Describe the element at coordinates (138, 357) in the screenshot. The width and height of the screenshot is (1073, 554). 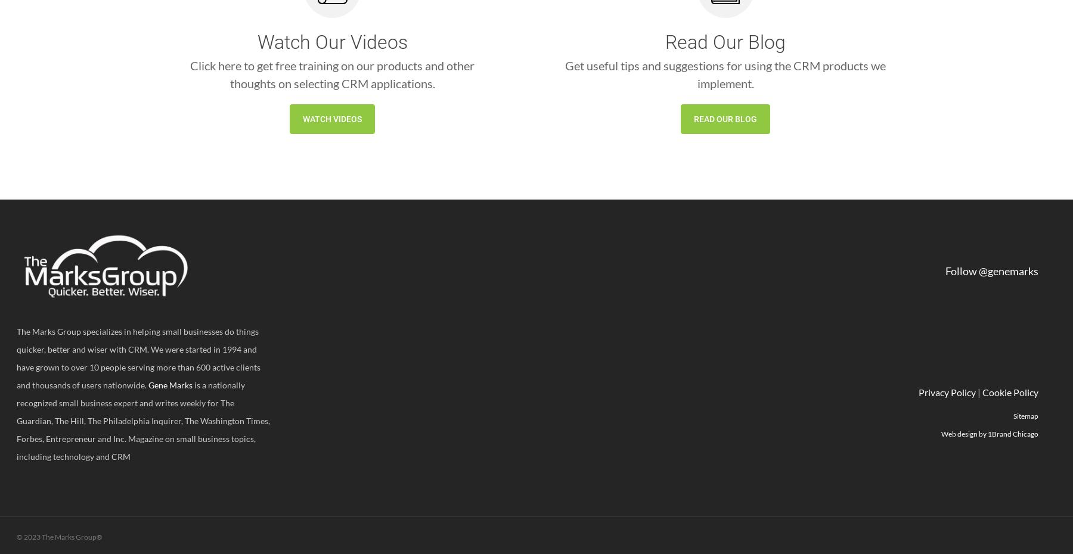
I see `'The Marks Group specializes in helping small businesses do things quicker, better and wiser with CRM. We were started in 1994 and have grown to over 10 people serving more than 600 active clients and thousands of users nationwide.'` at that location.